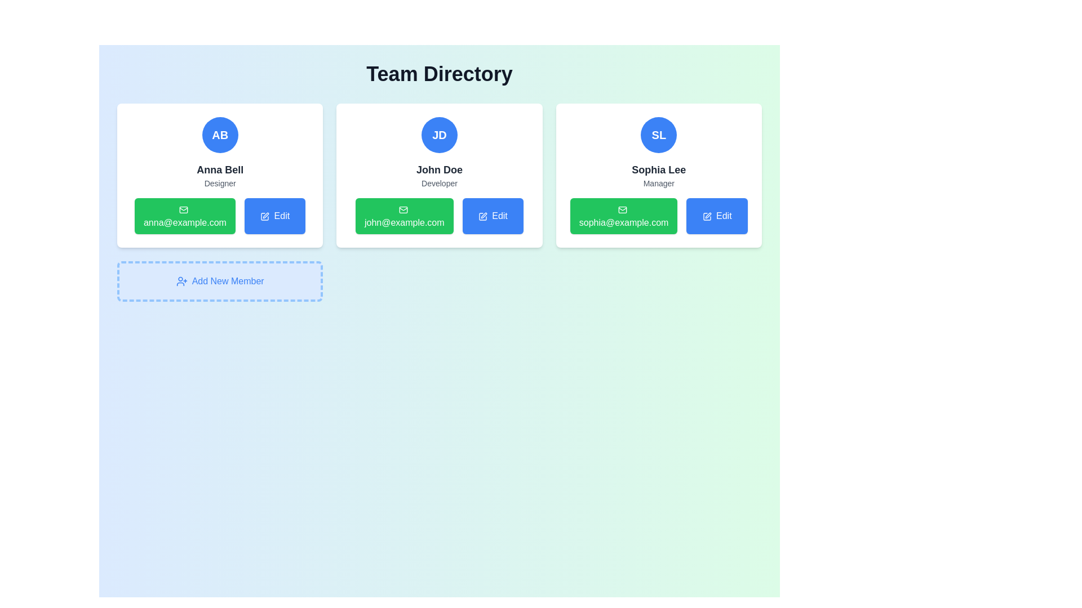  Describe the element at coordinates (659, 176) in the screenshot. I see `user's name and designation displayed in the text element located in the center of the third card in the rightmost column of the user profile grid` at that location.